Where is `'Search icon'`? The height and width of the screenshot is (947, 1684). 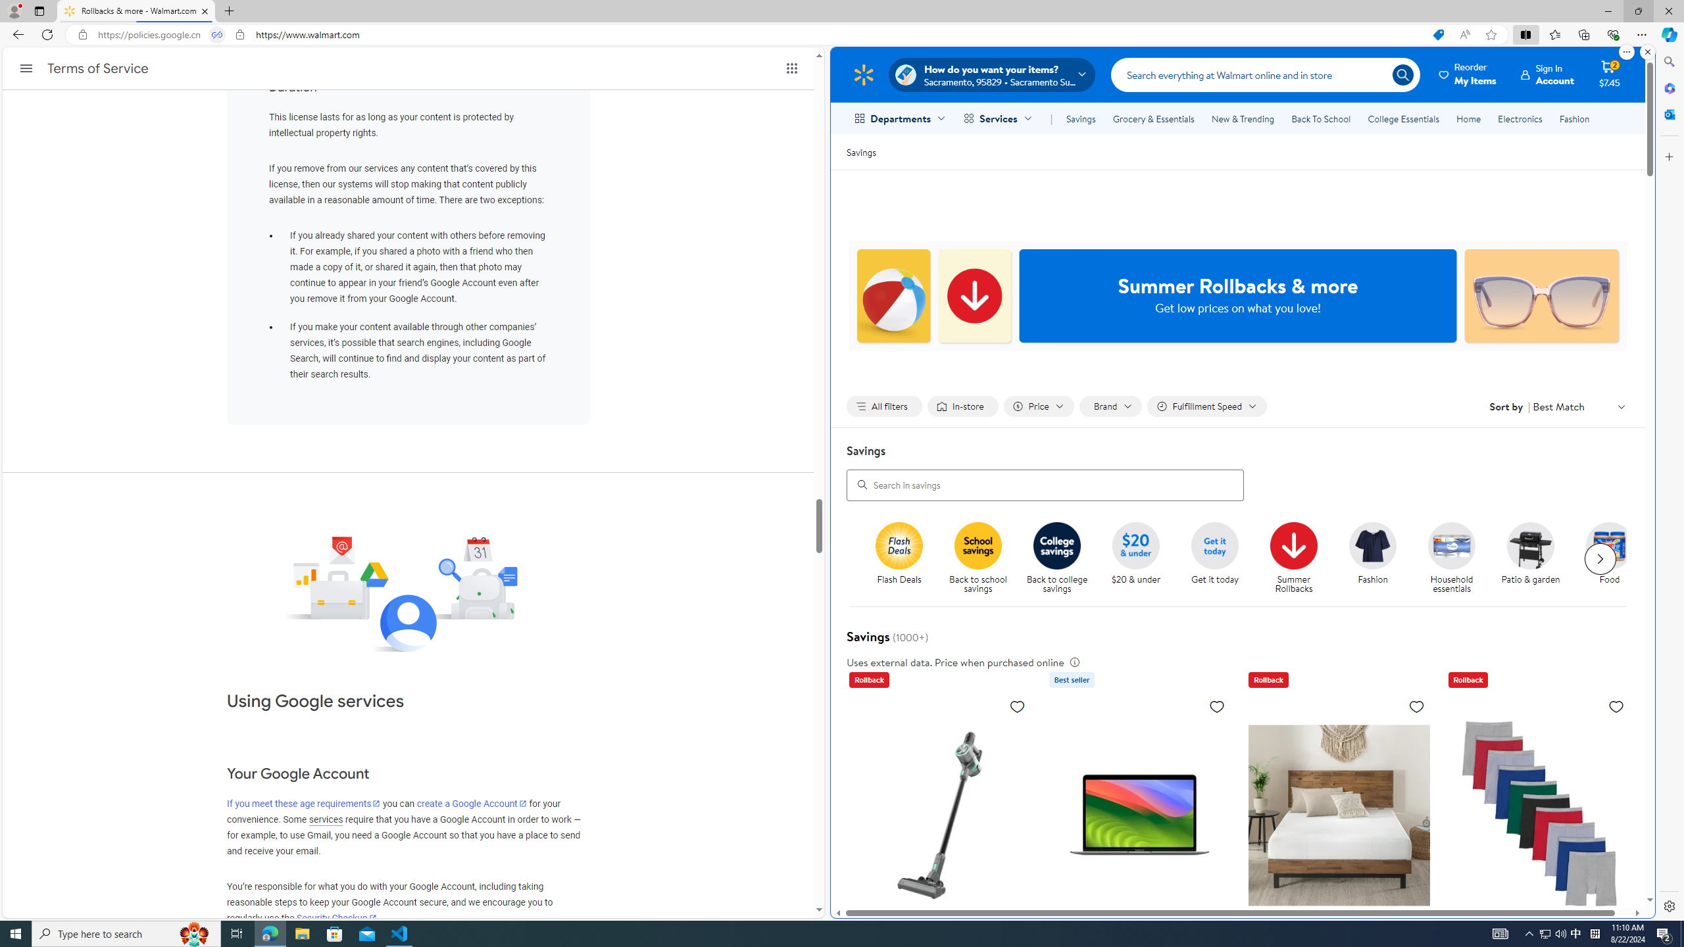 'Search icon' is located at coordinates (1402, 74).